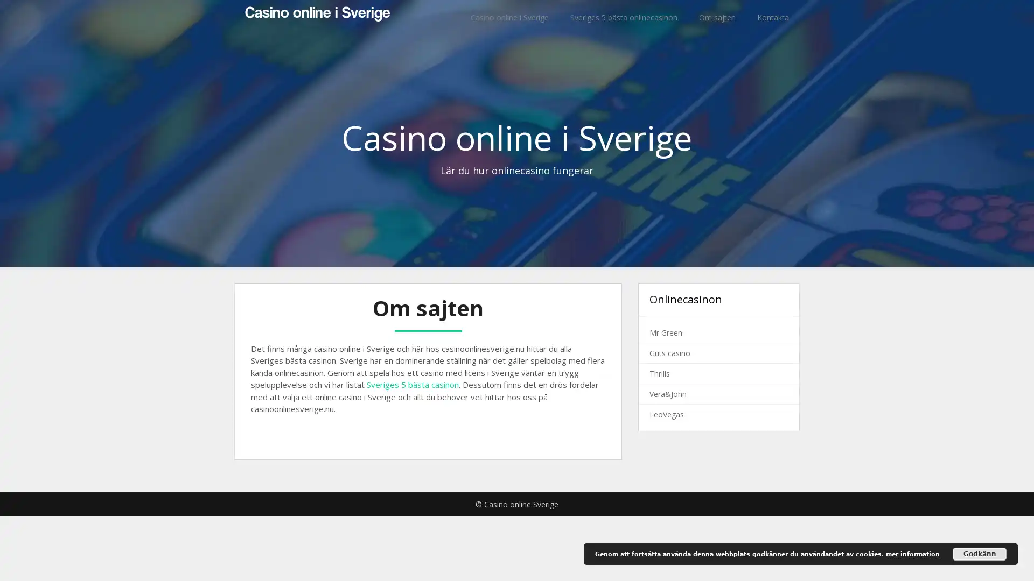 This screenshot has height=581, width=1034. Describe the element at coordinates (980, 554) in the screenshot. I see `Godkann` at that location.